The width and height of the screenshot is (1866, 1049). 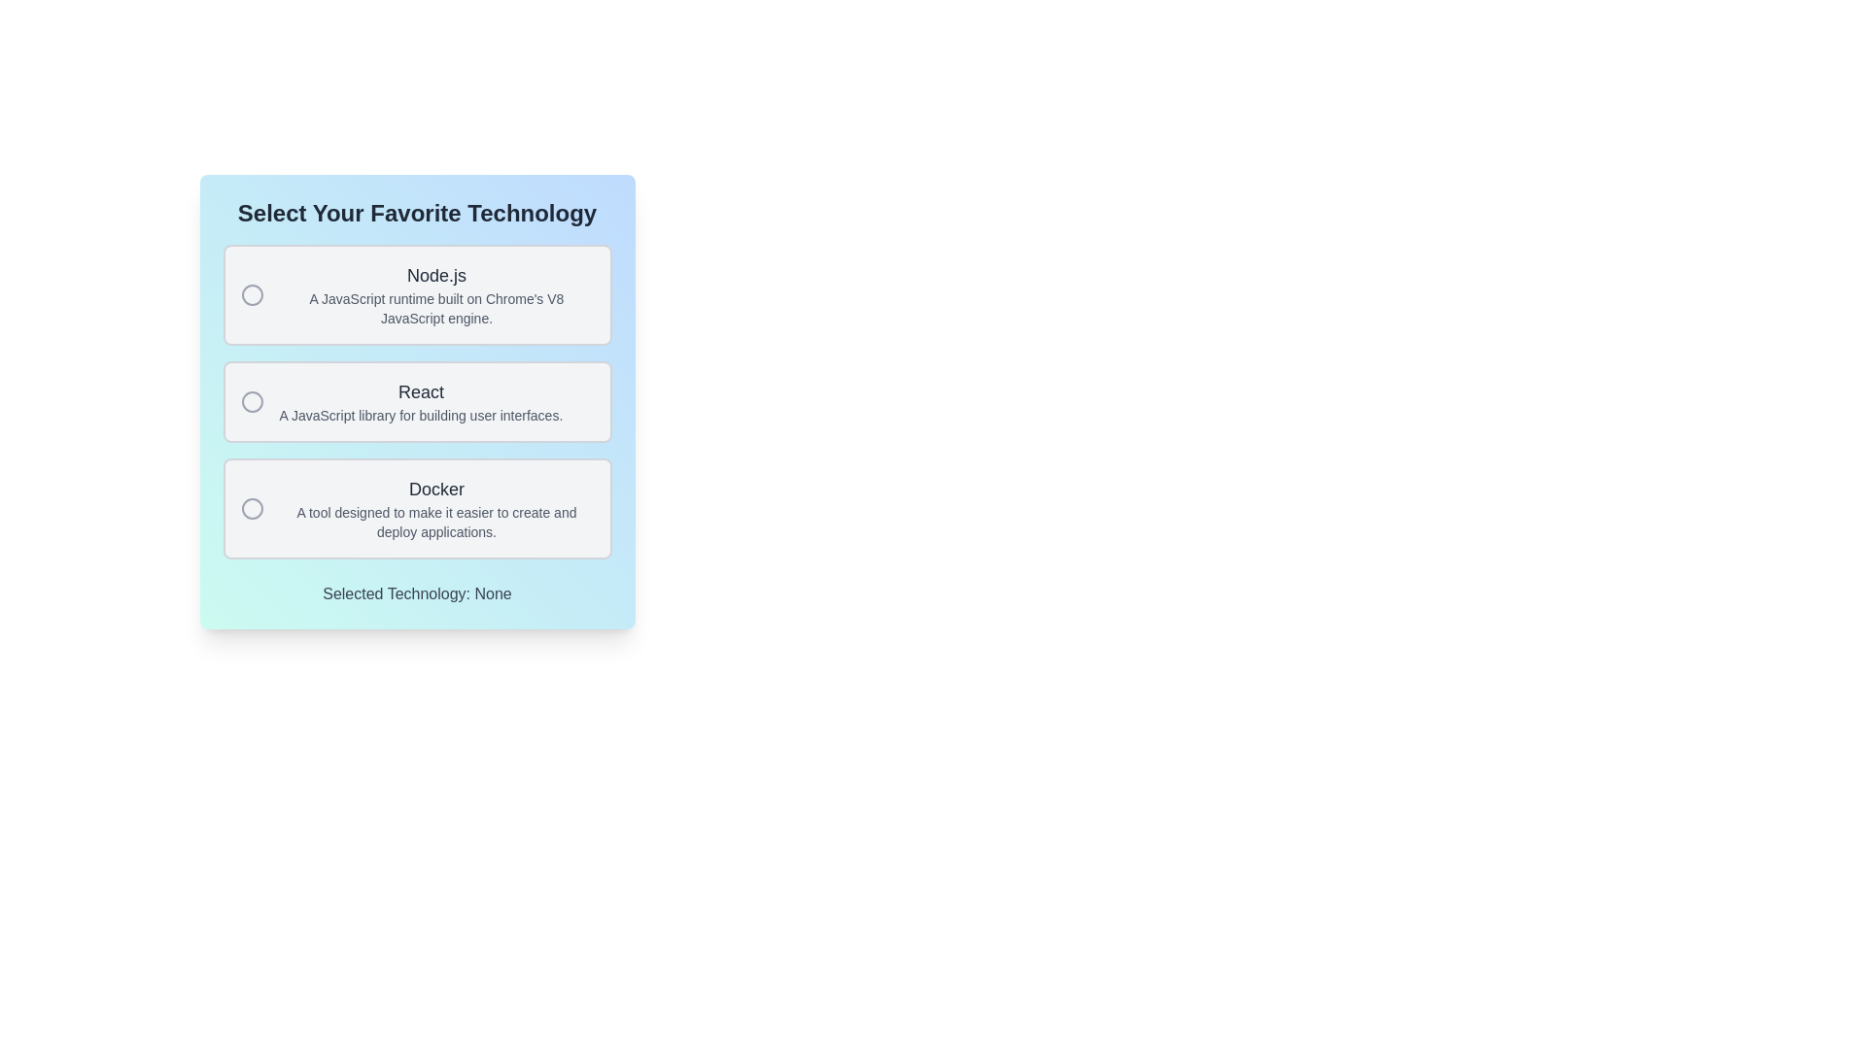 I want to click on the text label displaying 'React', which is styled in bold and larger font, located at the center of the second card among three vertically aligned cards, so click(x=420, y=392).